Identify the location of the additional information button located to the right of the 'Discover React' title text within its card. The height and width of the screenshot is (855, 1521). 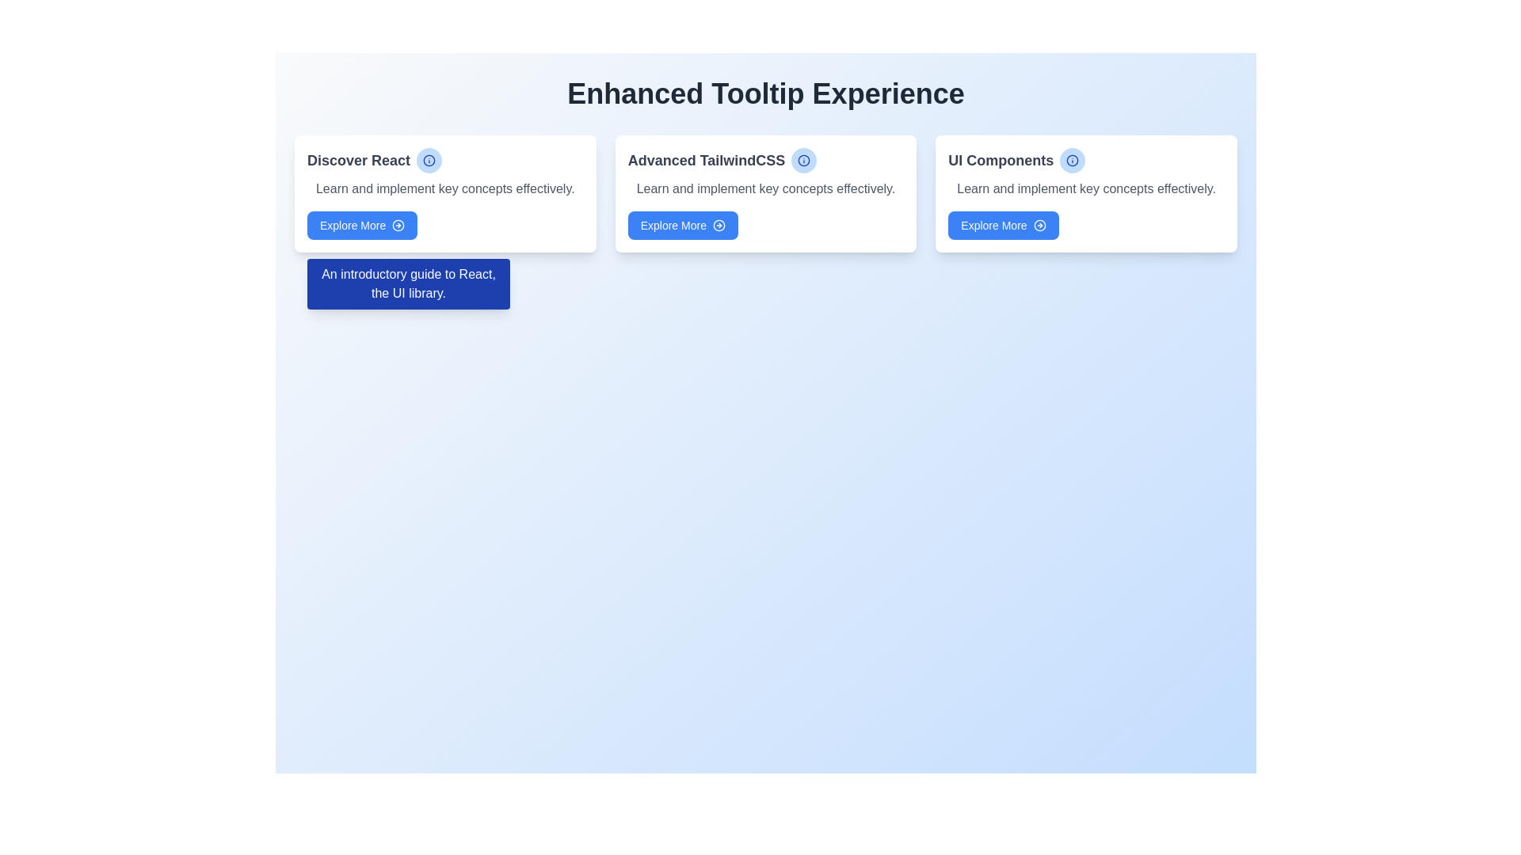
(429, 161).